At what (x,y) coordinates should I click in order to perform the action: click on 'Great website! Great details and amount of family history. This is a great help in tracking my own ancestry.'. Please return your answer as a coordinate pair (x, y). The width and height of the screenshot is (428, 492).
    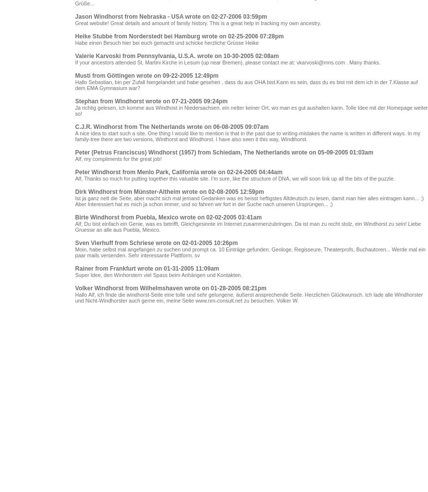
    Looking at the image, I should click on (198, 23).